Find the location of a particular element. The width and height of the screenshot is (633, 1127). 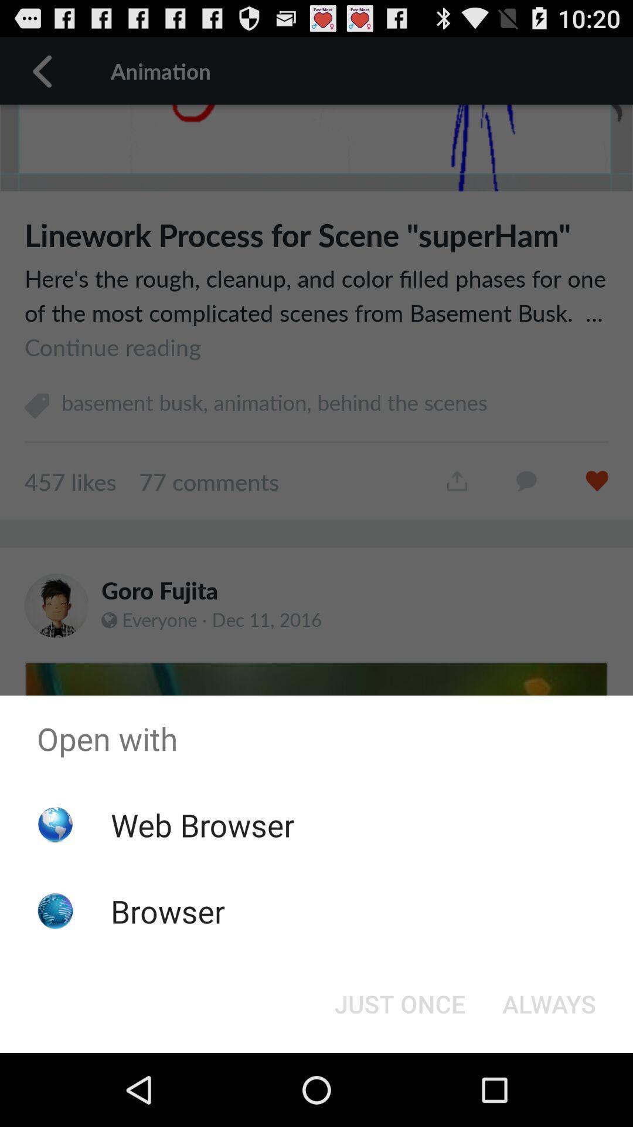

the just once at the bottom is located at coordinates (399, 1003).